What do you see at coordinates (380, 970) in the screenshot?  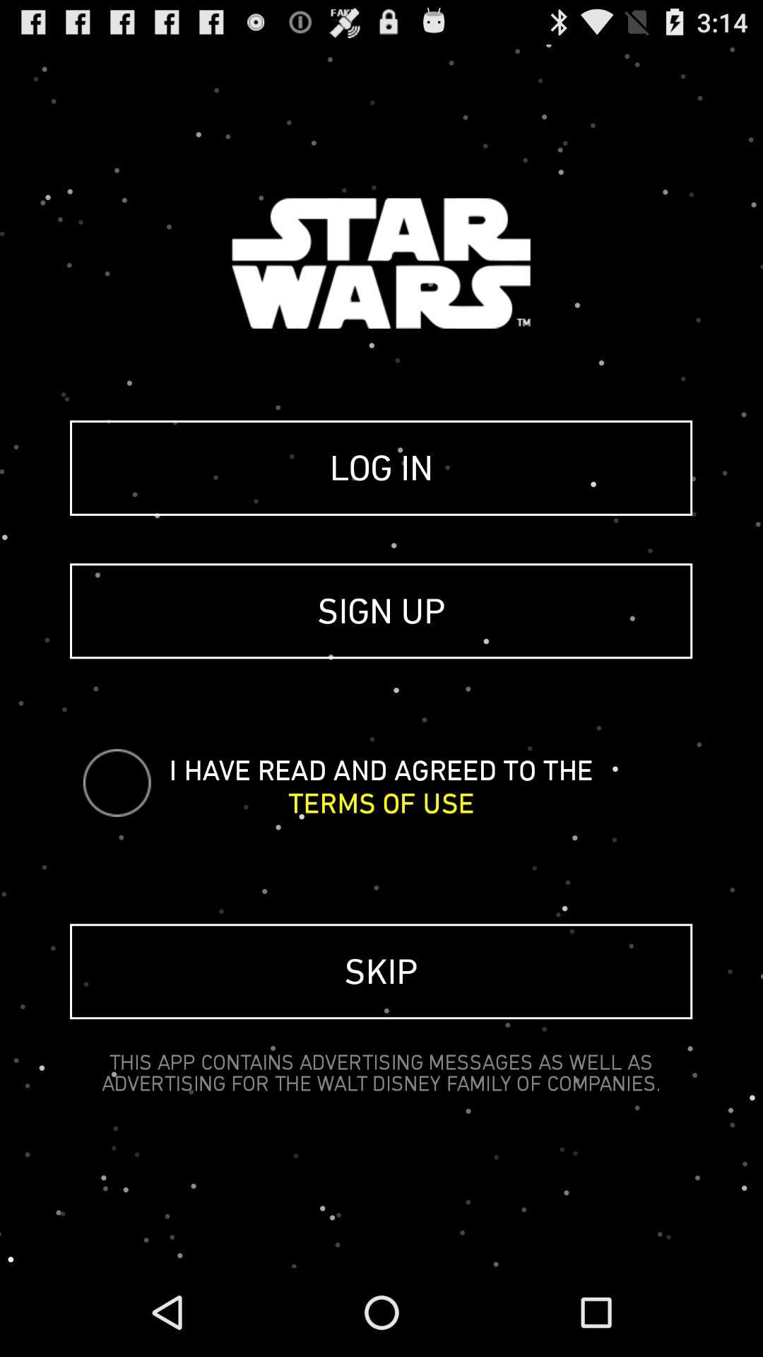 I see `the skip button` at bounding box center [380, 970].